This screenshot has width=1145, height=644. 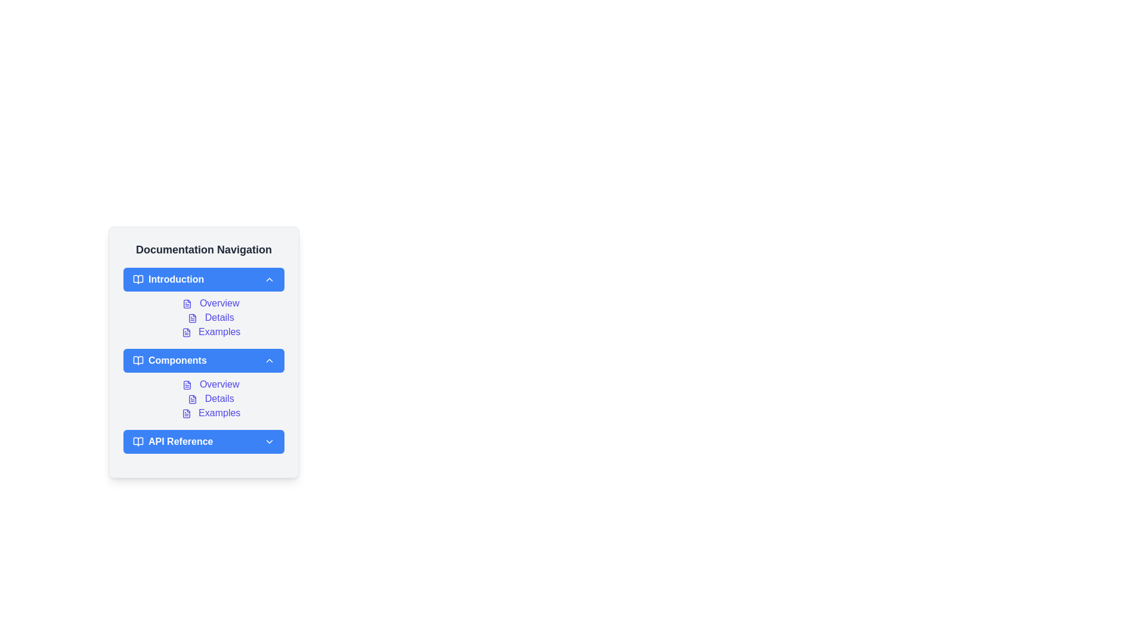 What do you see at coordinates (203, 351) in the screenshot?
I see `the 'Components' section of the interactive expandable menu, which is a rectangular panel with a light gray background and a blue highlighted section` at bounding box center [203, 351].